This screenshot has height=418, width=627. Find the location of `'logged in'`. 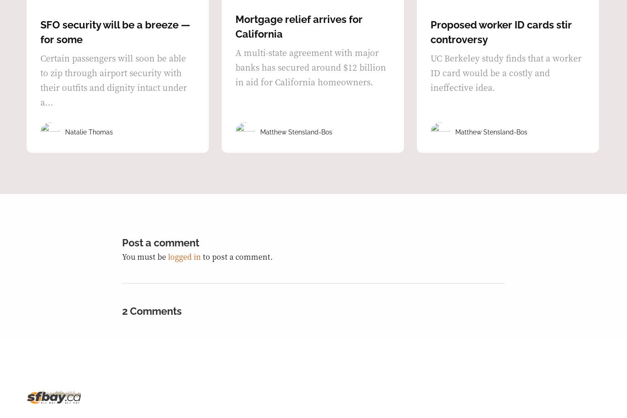

'logged in' is located at coordinates (184, 256).